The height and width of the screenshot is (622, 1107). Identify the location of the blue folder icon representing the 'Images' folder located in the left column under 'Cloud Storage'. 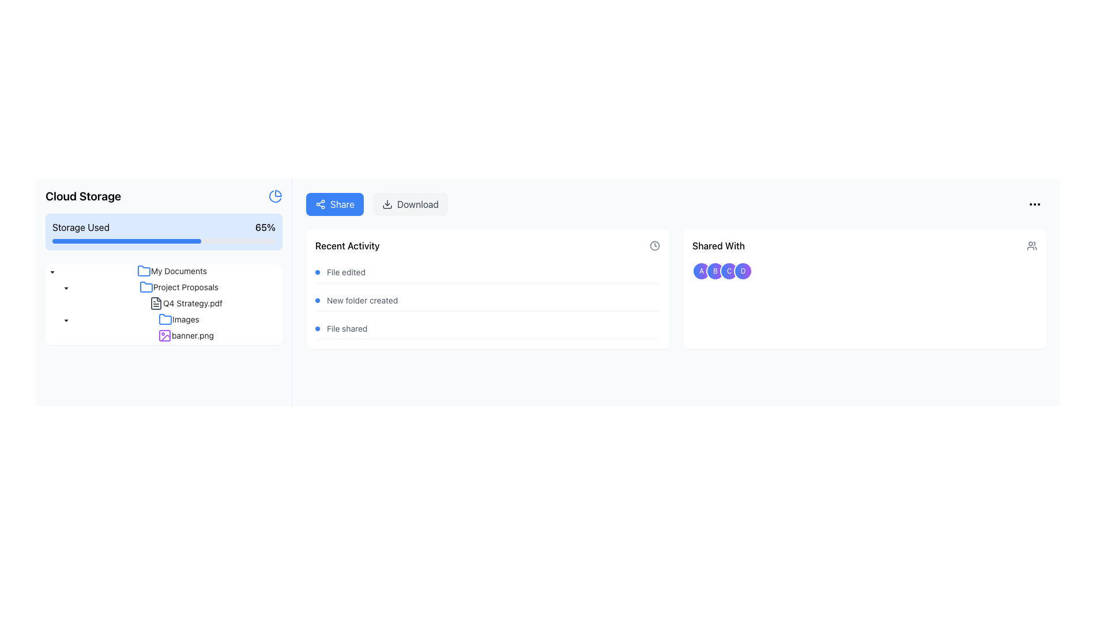
(165, 319).